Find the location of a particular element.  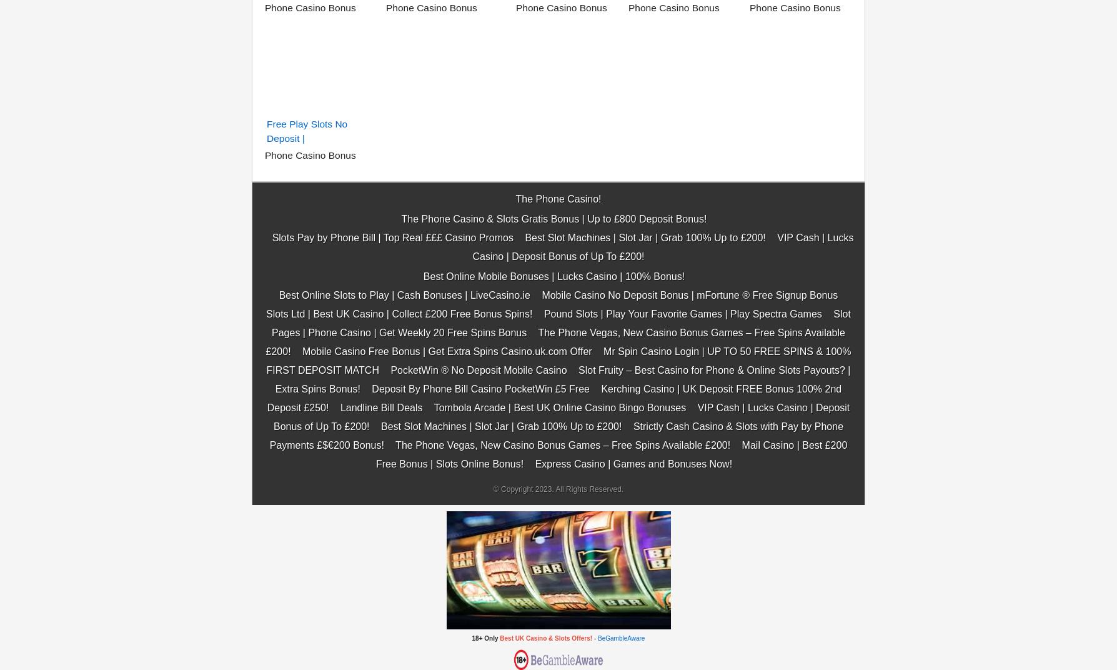

'Mobile Casino Free Bonus | Get Extra Spins Casino.uk.com Offer' is located at coordinates (446, 194).